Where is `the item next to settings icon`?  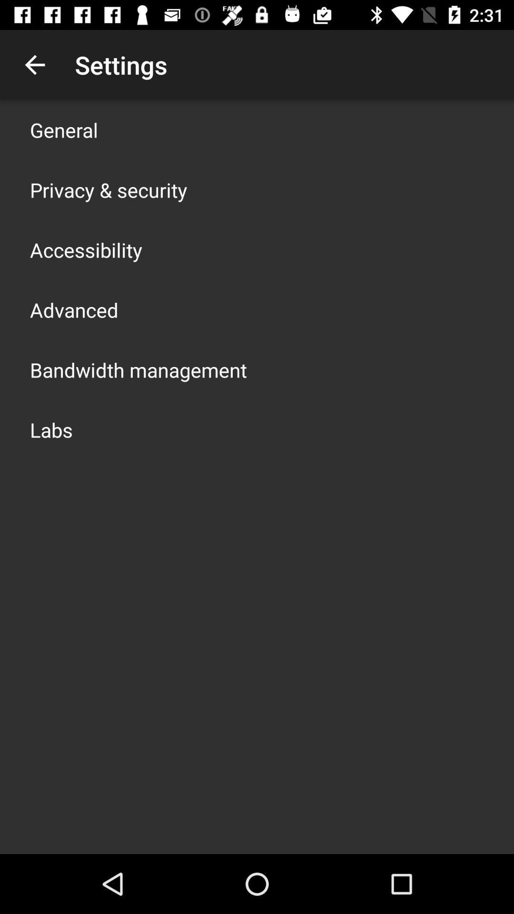 the item next to settings icon is located at coordinates (34, 64).